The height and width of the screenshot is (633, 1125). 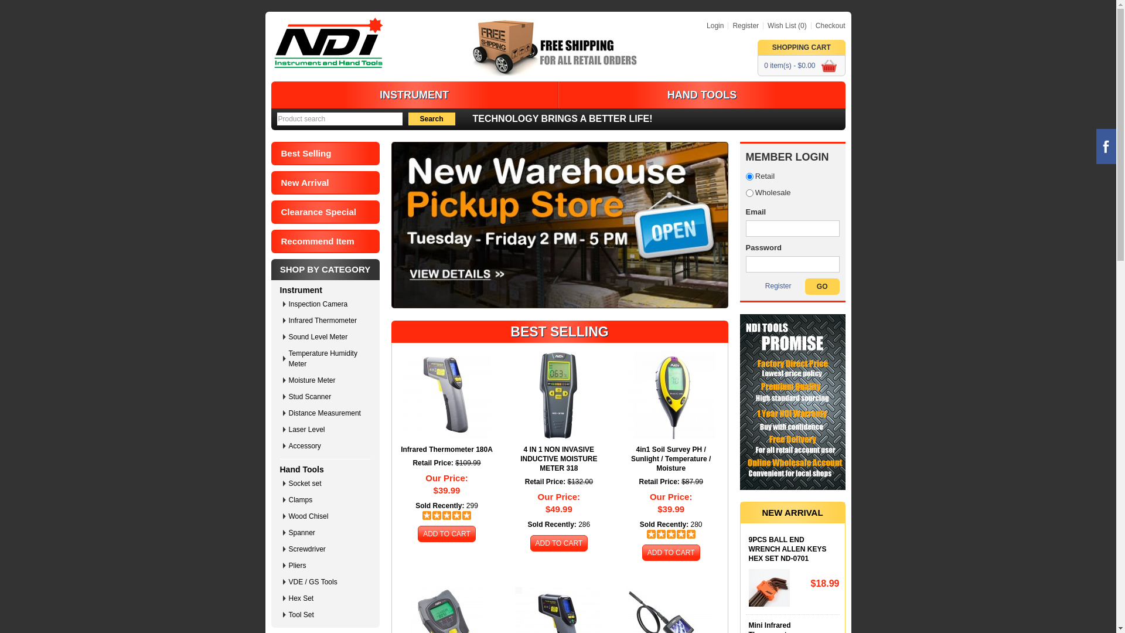 I want to click on 'Pliers', so click(x=288, y=564).